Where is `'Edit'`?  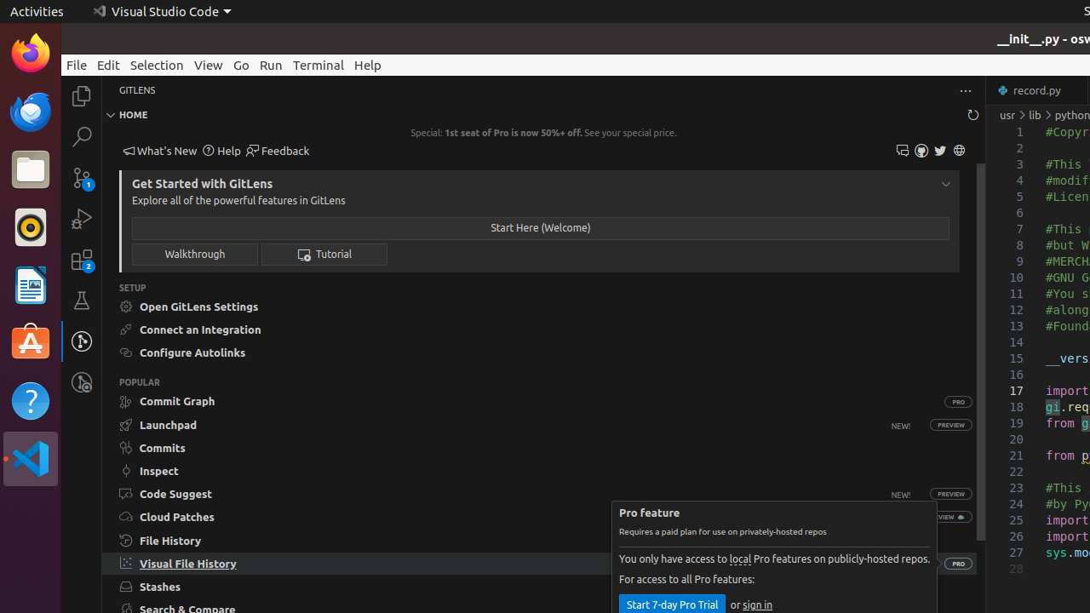 'Edit' is located at coordinates (107, 64).